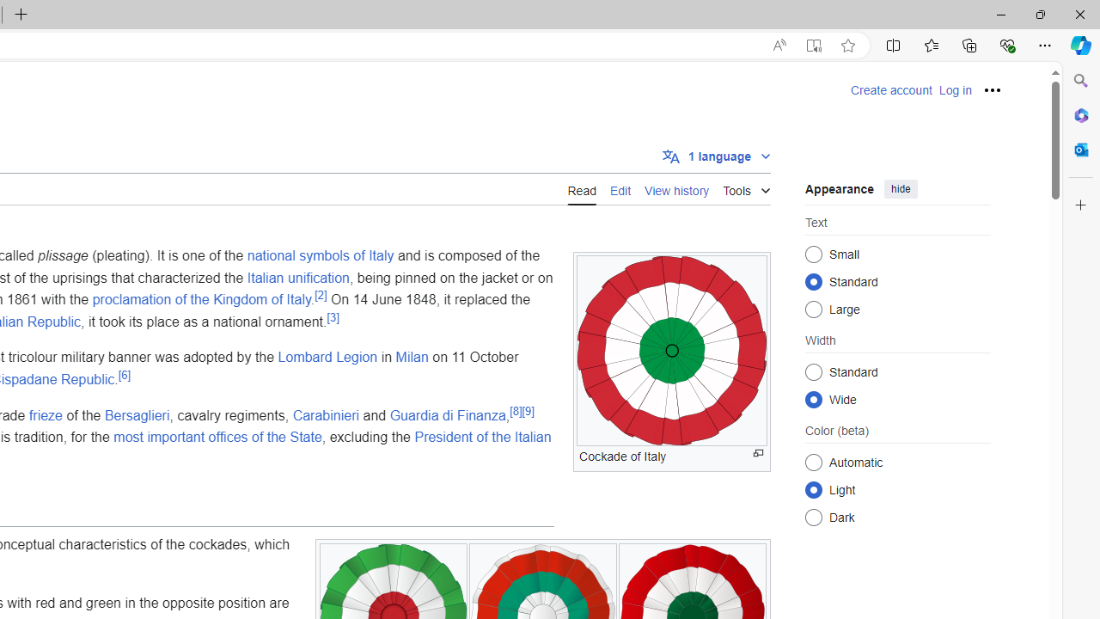  What do you see at coordinates (527, 411) in the screenshot?
I see `'[9]'` at bounding box center [527, 411].